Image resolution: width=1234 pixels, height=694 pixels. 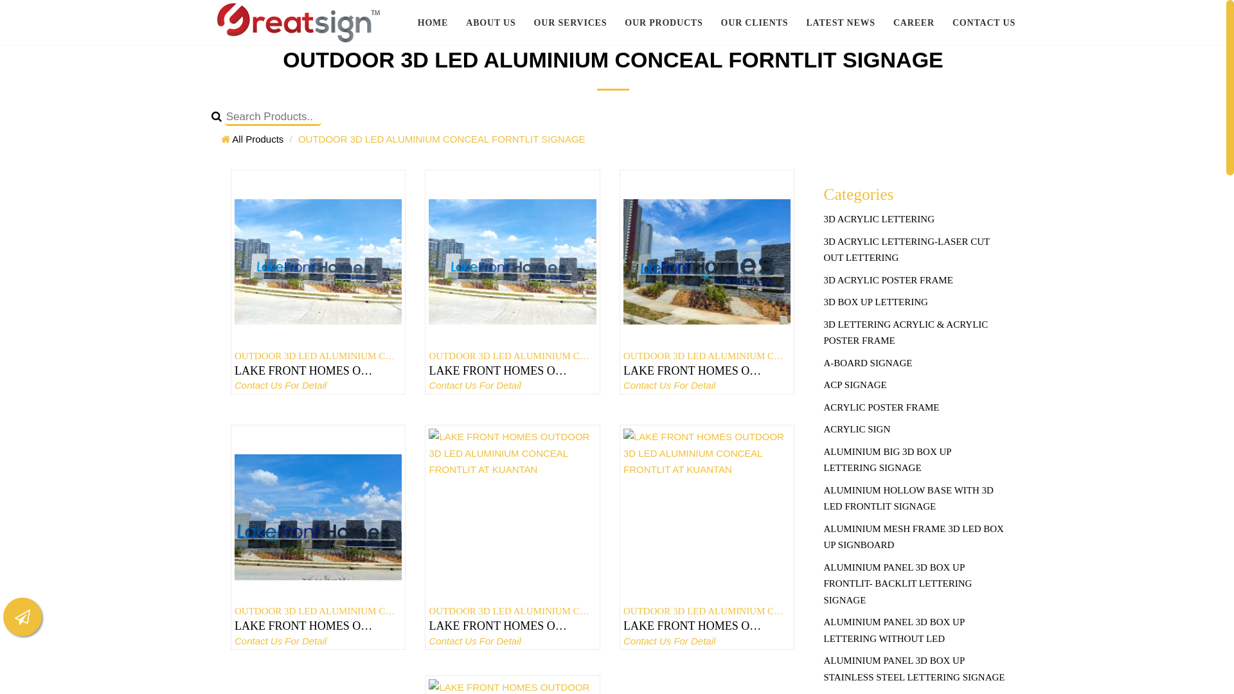 What do you see at coordinates (914, 364) in the screenshot?
I see `'A-BOARD SIGNAGE'` at bounding box center [914, 364].